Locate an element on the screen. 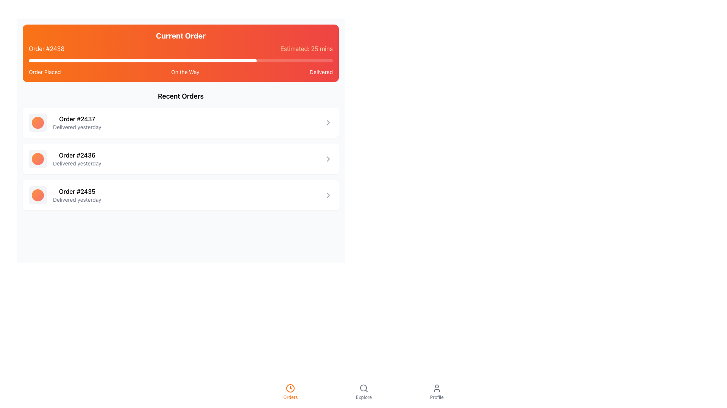 This screenshot has height=408, width=727. the 'Explore' text label located in the bottom navigation bar, styled in a small font with a neutral color, directly below the magnifying glass icon is located at coordinates (364, 397).